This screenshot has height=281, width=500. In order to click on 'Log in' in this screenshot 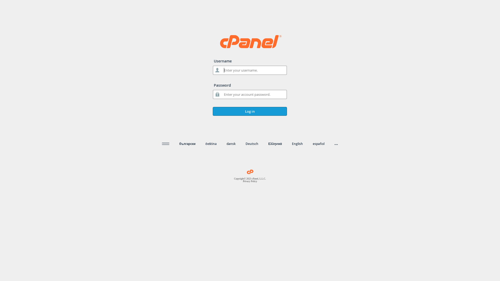, I will do `click(249, 111)`.